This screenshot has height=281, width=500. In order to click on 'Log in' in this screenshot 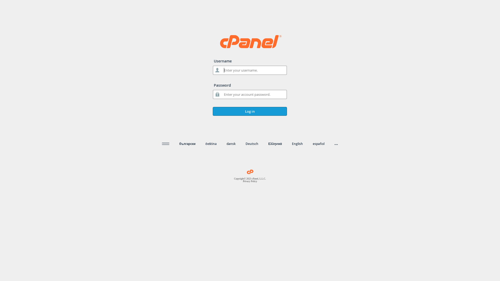, I will do `click(249, 111)`.